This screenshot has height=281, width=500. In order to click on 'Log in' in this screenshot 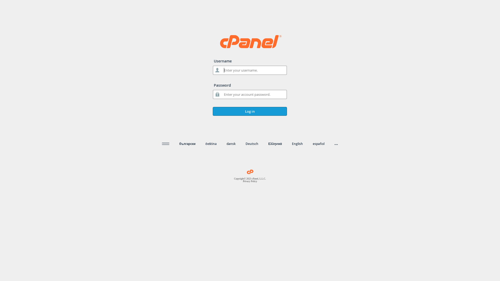, I will do `click(249, 111)`.